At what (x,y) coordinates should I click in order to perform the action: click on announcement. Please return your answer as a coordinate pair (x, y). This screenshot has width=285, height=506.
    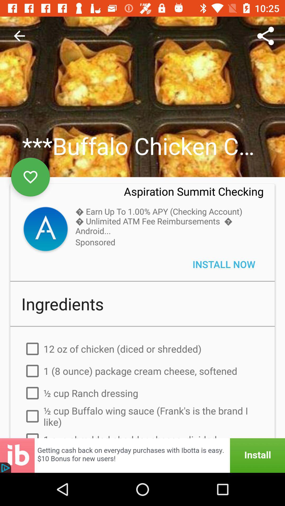
    Looking at the image, I should click on (142, 455).